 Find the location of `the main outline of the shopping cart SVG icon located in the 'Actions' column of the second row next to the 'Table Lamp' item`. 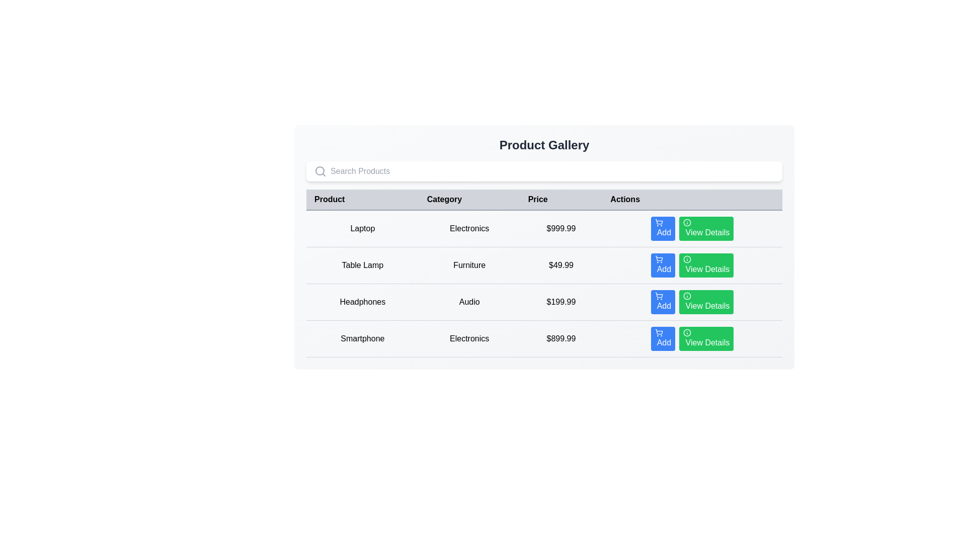

the main outline of the shopping cart SVG icon located in the 'Actions' column of the second row next to the 'Table Lamp' item is located at coordinates (659, 258).